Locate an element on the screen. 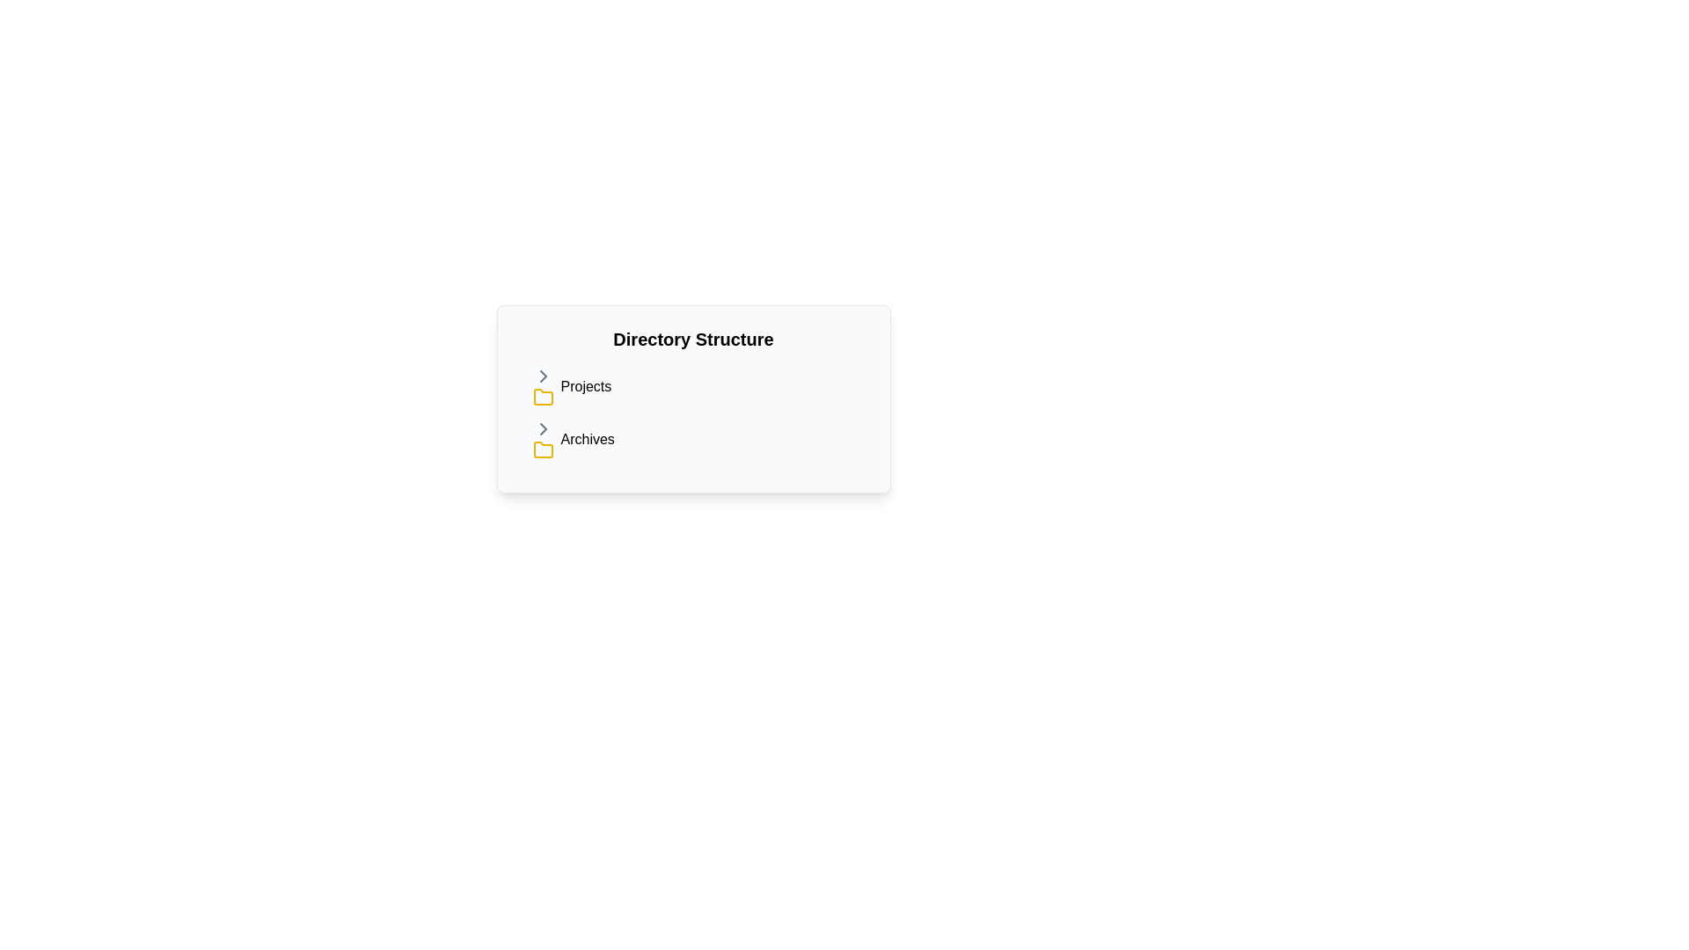  the 'Projects' folder icon in the directory structure is located at coordinates (542, 397).